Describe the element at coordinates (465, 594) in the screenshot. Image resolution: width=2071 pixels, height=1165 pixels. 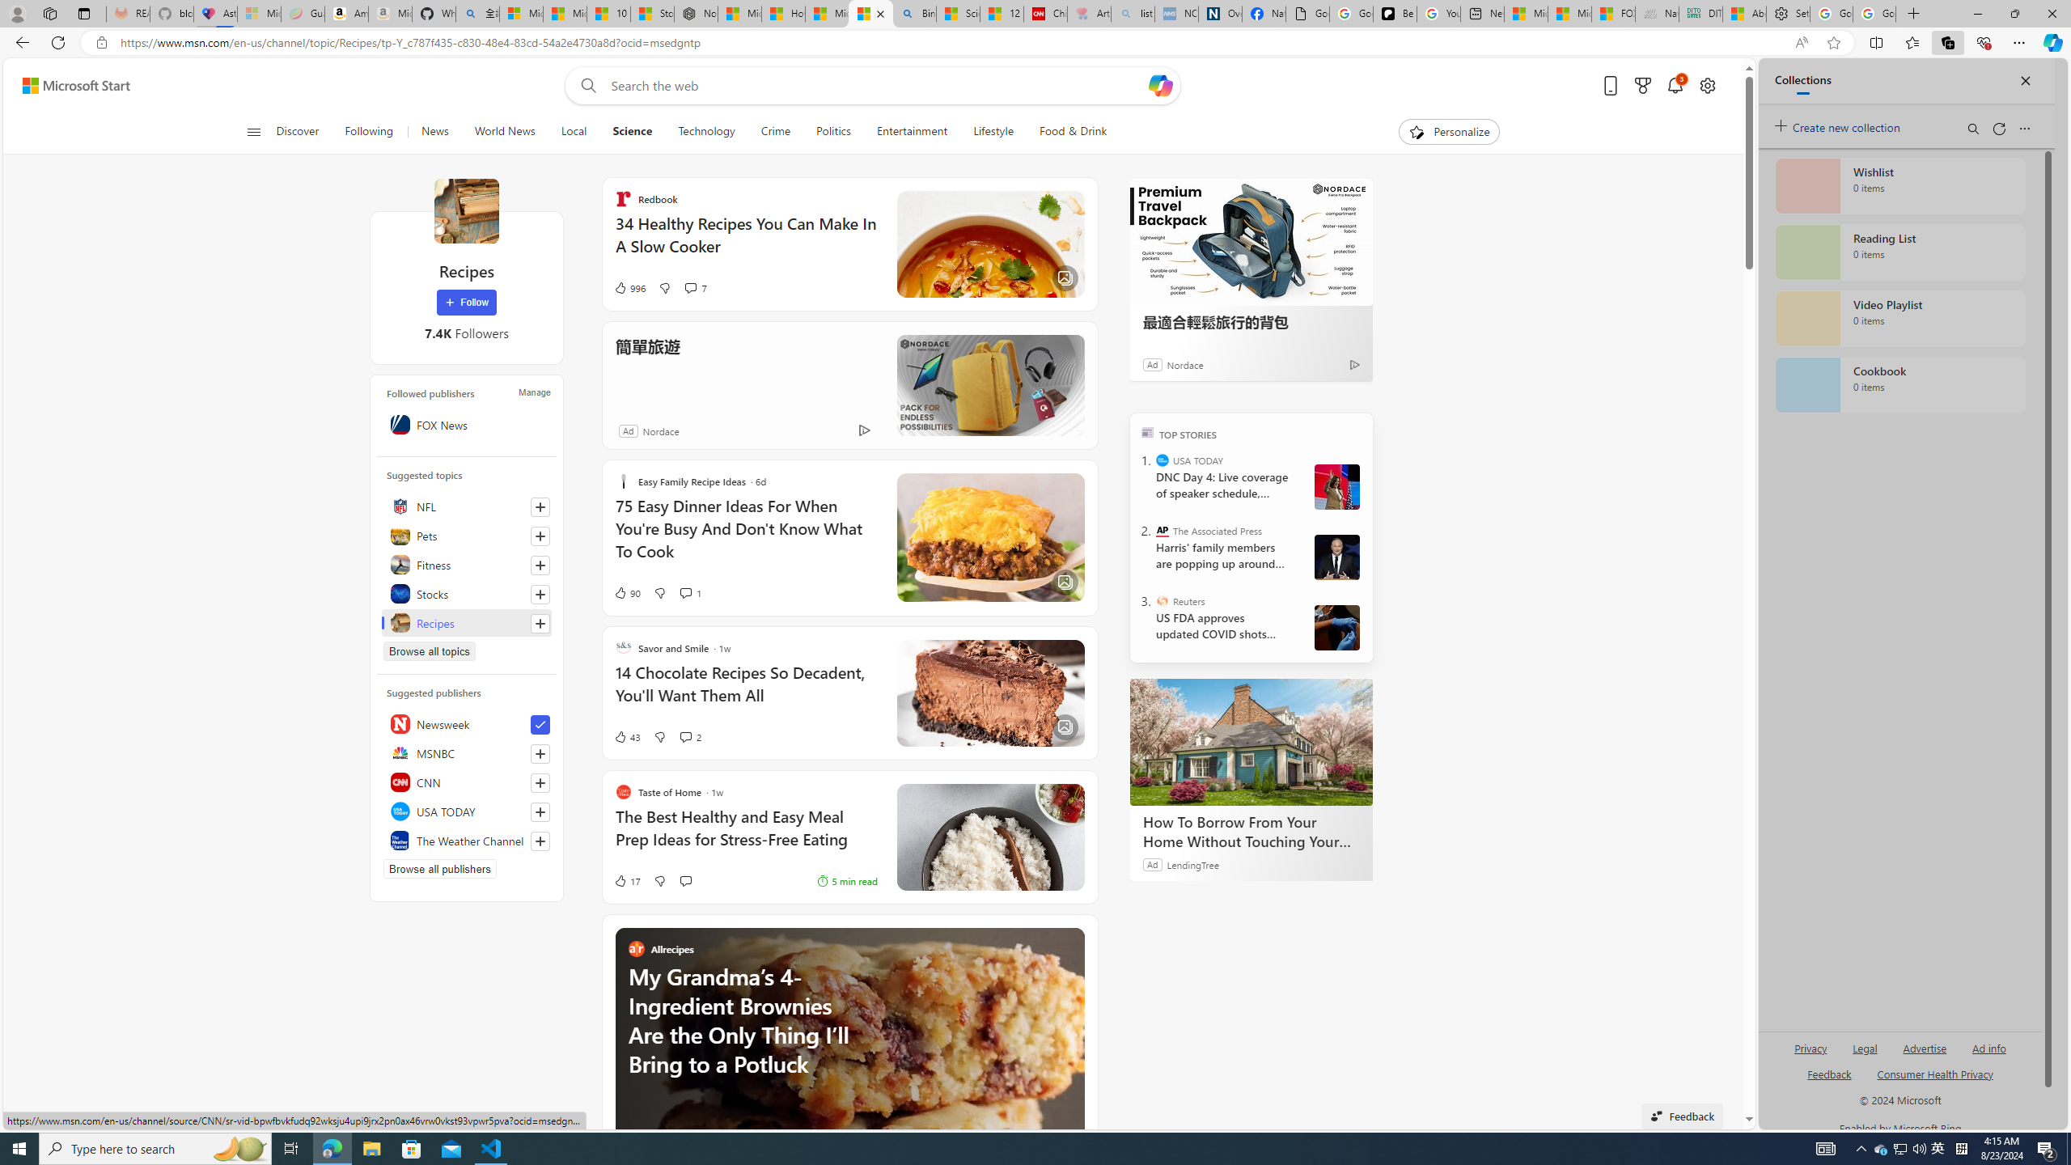
I see `'Stocks'` at that location.